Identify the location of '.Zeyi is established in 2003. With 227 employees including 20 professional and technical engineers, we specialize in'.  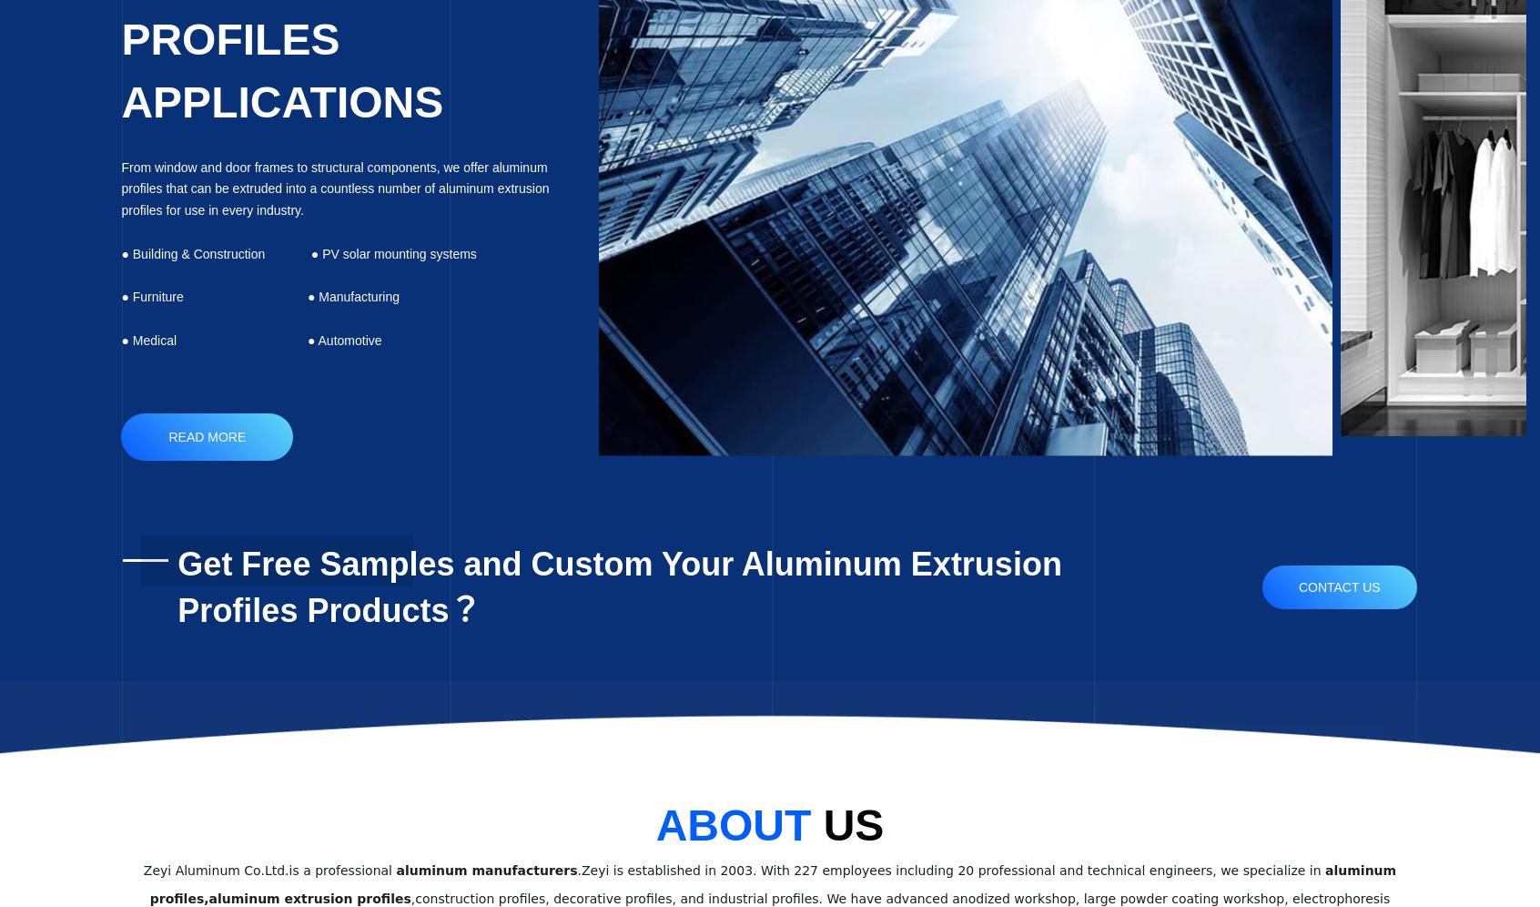
(949, 869).